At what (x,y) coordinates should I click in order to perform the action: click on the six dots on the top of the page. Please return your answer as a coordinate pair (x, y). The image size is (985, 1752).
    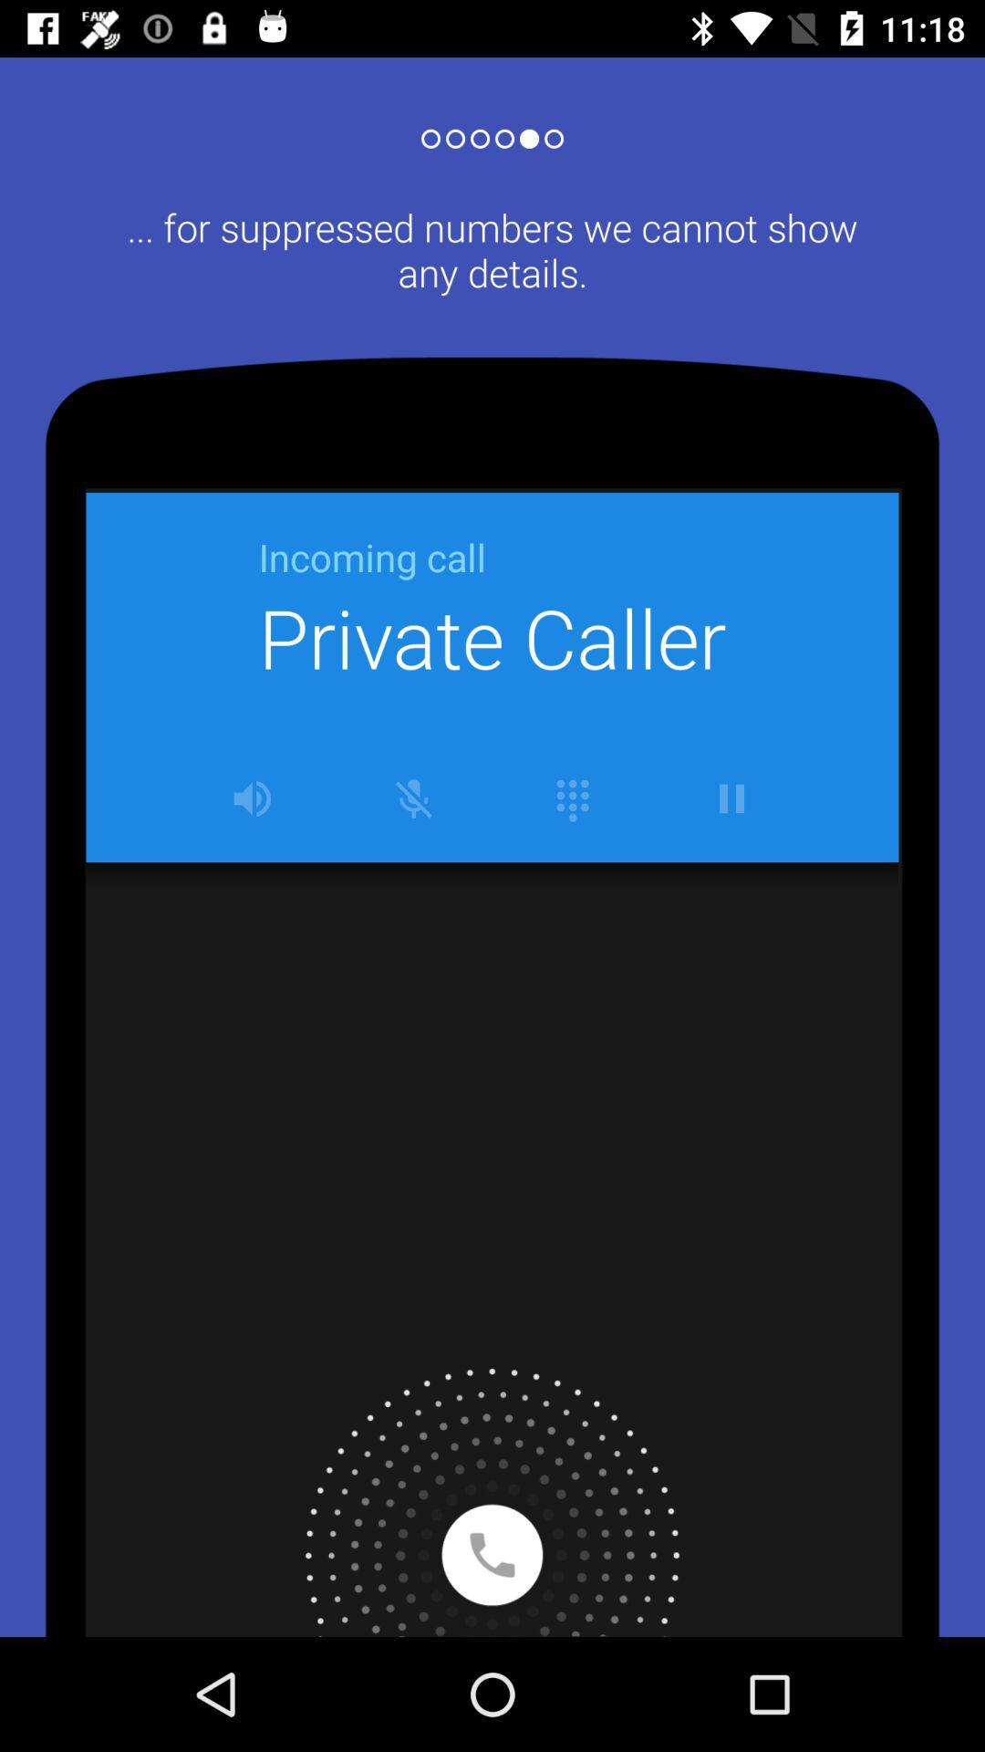
    Looking at the image, I should click on (493, 130).